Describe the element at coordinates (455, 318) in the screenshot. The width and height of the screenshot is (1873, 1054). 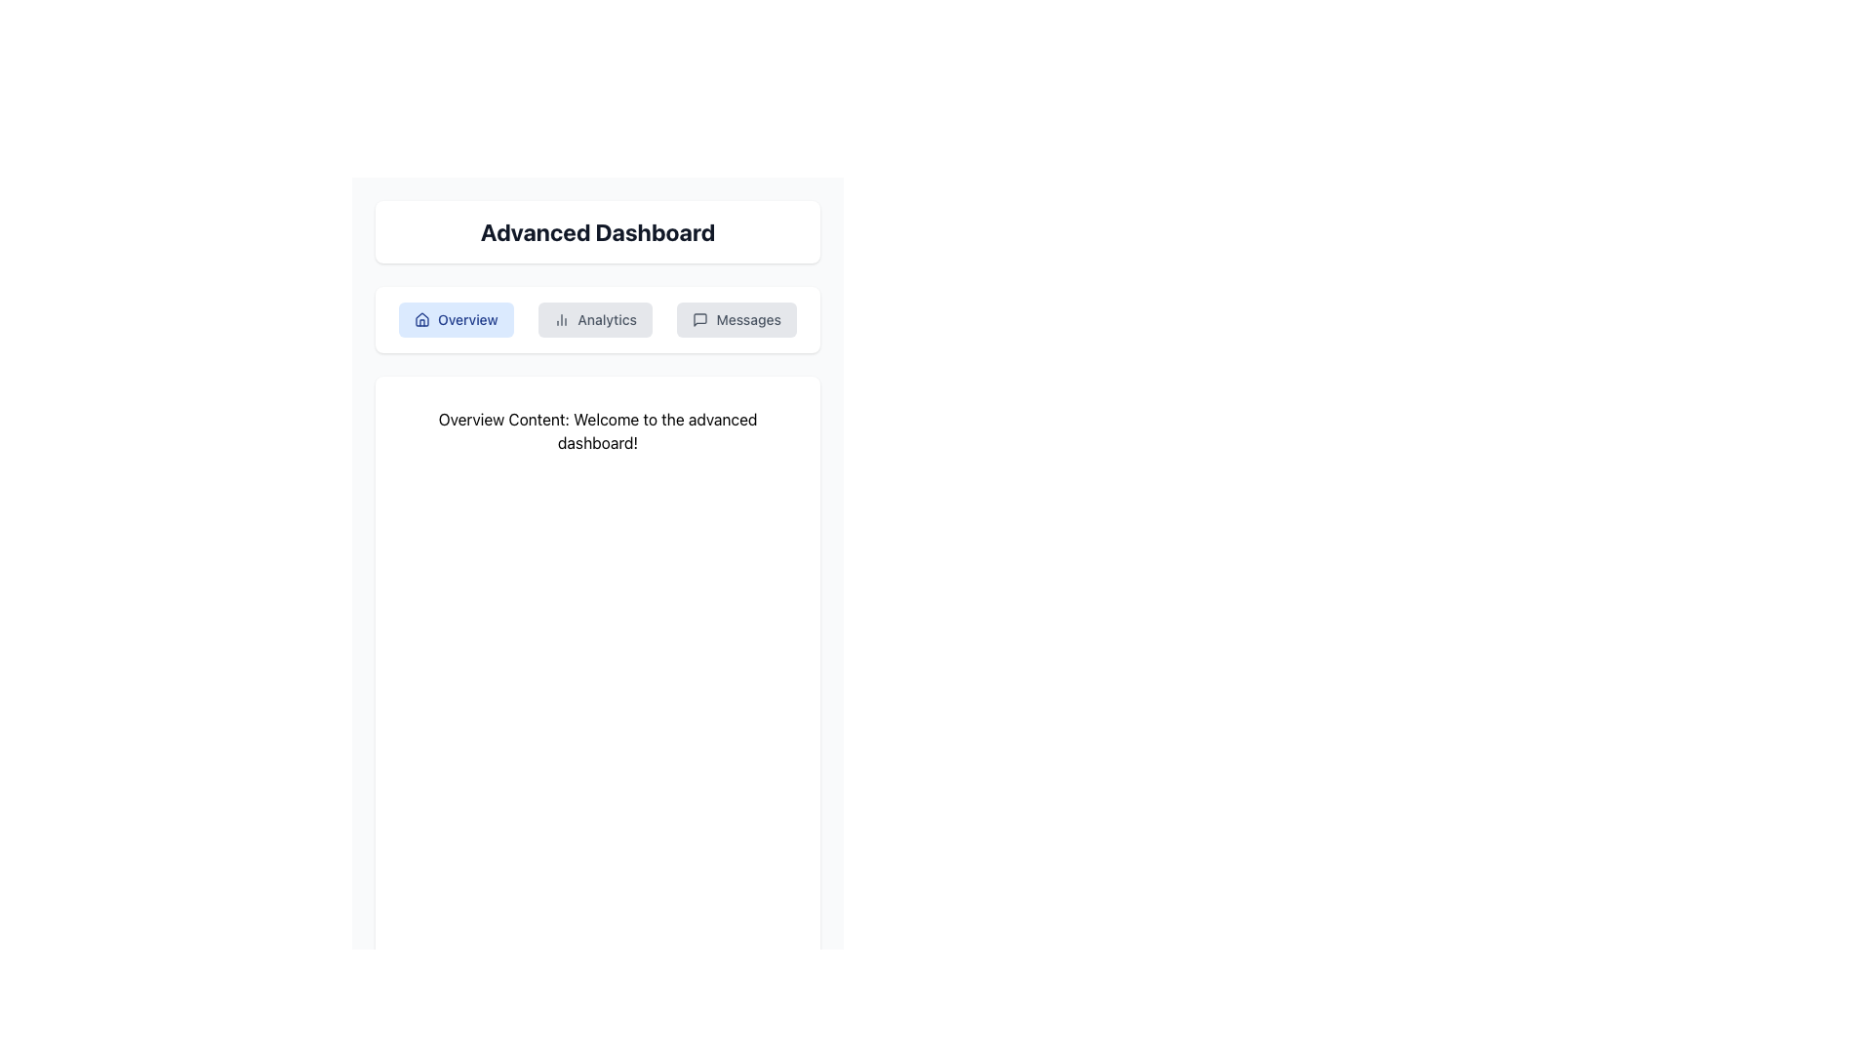
I see `the 'Overview' navigation button located at the left side of the button group in the 'Advanced Dashboard' section` at that location.